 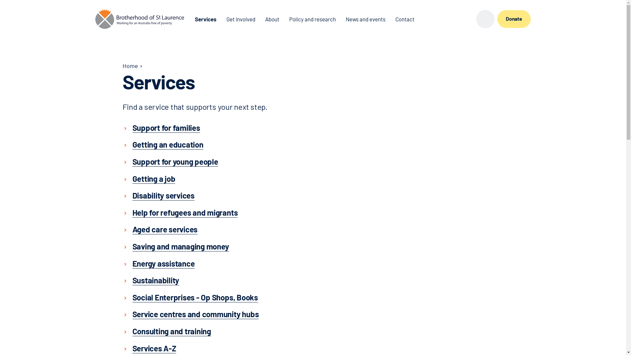 I want to click on 'Services A-Z', so click(x=153, y=348).